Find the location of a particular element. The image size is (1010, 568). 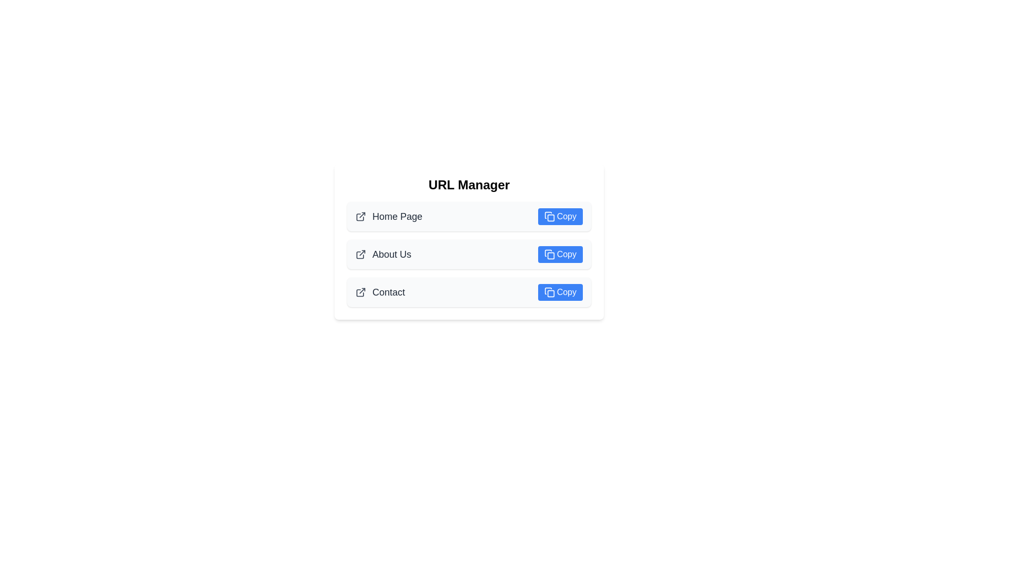

text label identifying the 'About Us' section, which is located in the middle of a vertically arranged list between the 'Home Page' and 'Contact' items is located at coordinates (391, 254).